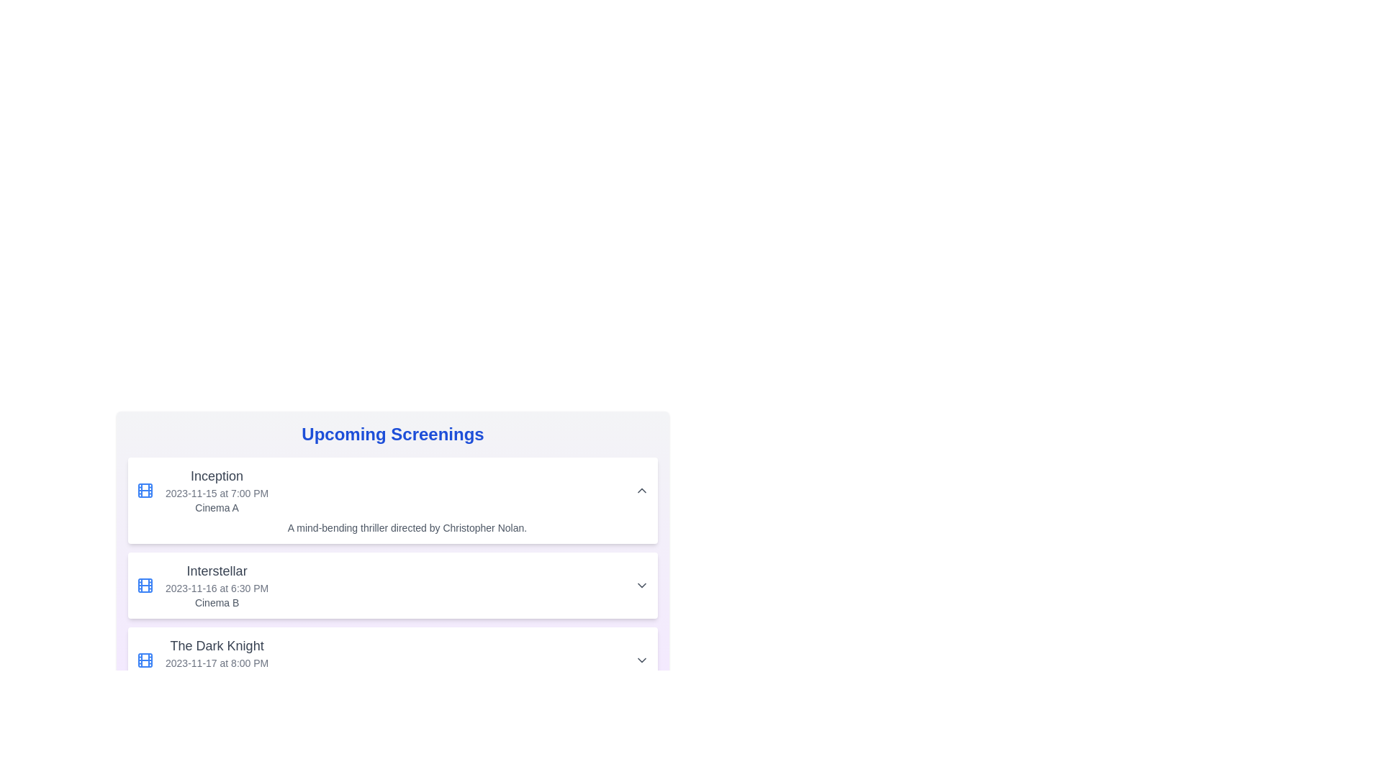  Describe the element at coordinates (202, 490) in the screenshot. I see `the first item in the list of upcoming movie screenings` at that location.